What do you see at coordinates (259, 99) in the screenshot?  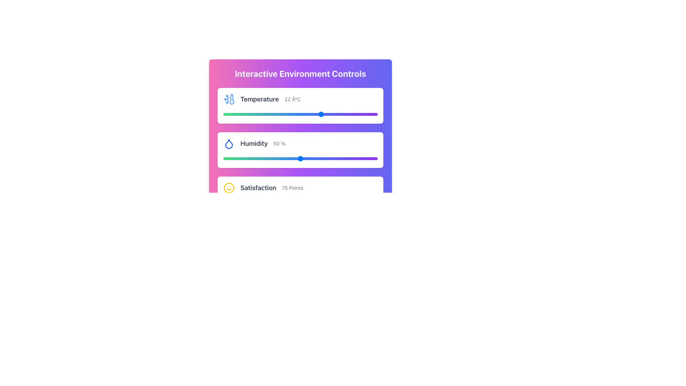 I see `the static text label 'Temperature' which is styled with a larger font size, bold weight, and dark gray color, located in the first card from the top, positioned to the right of a blue thermometer icon and to the left of the text '22 Â°C'` at bounding box center [259, 99].